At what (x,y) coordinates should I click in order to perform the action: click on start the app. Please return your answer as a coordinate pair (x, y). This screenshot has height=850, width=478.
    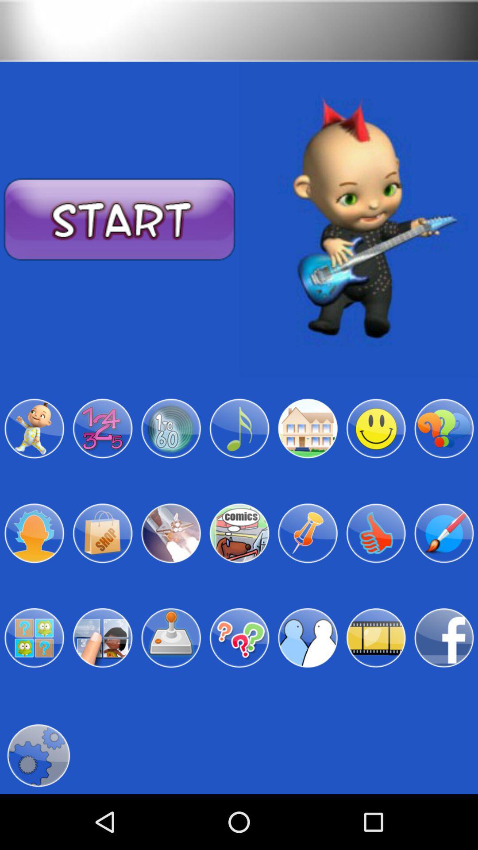
    Looking at the image, I should click on (119, 220).